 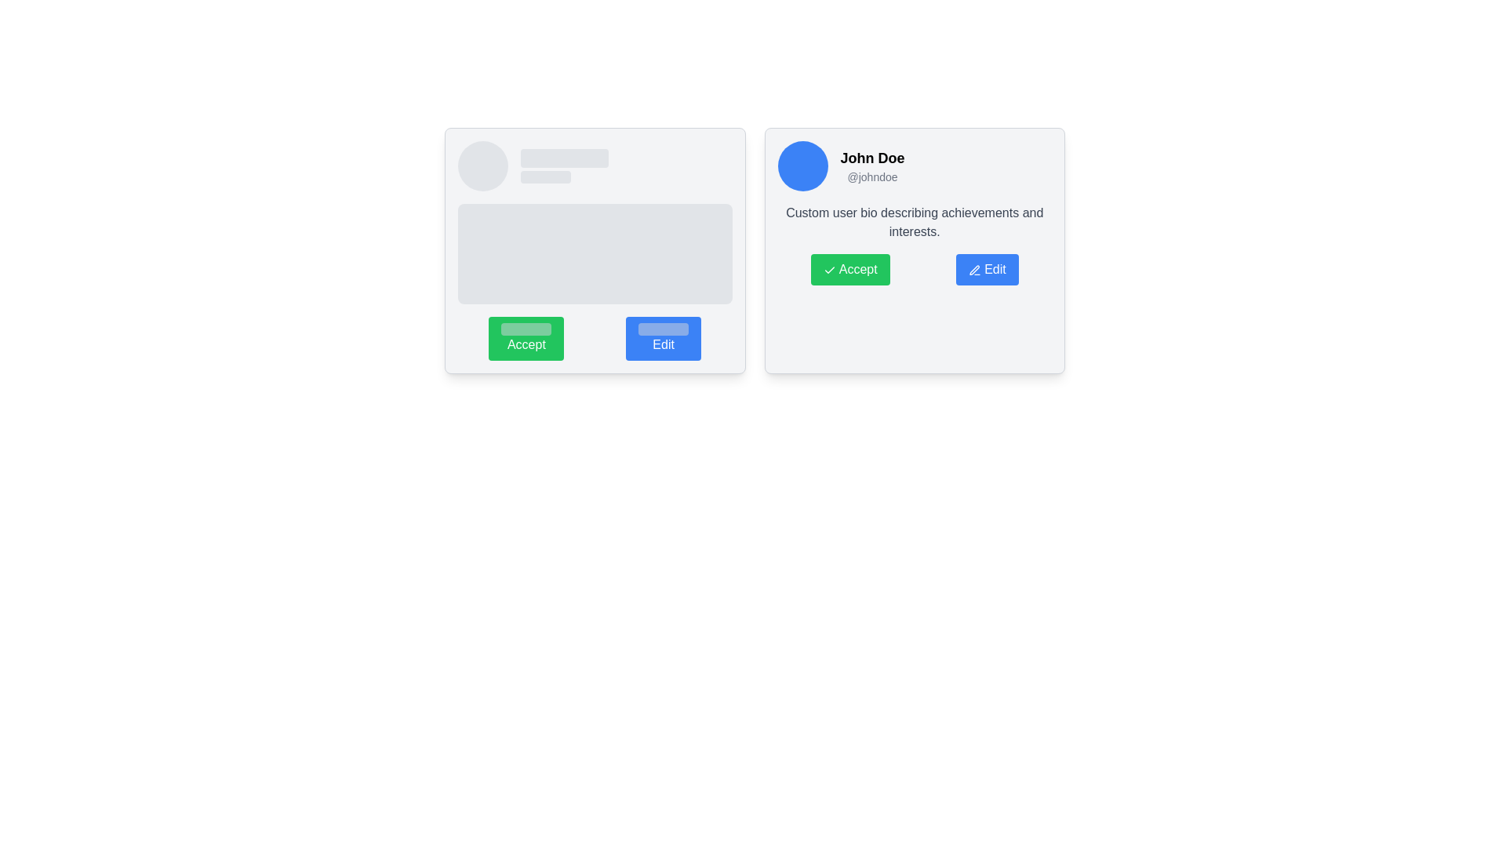 I want to click on loading placeholder element located in the middle section of the card, positioned below the avatar and text skeletons, and above the 'Accept' and 'Edit' action buttons, so click(x=594, y=253).